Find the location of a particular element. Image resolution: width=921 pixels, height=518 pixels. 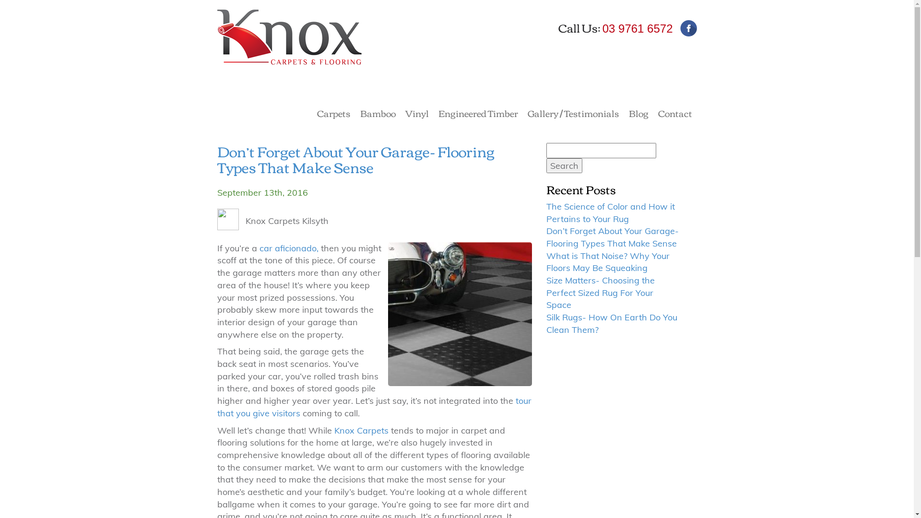

'Bamboo' is located at coordinates (377, 114).